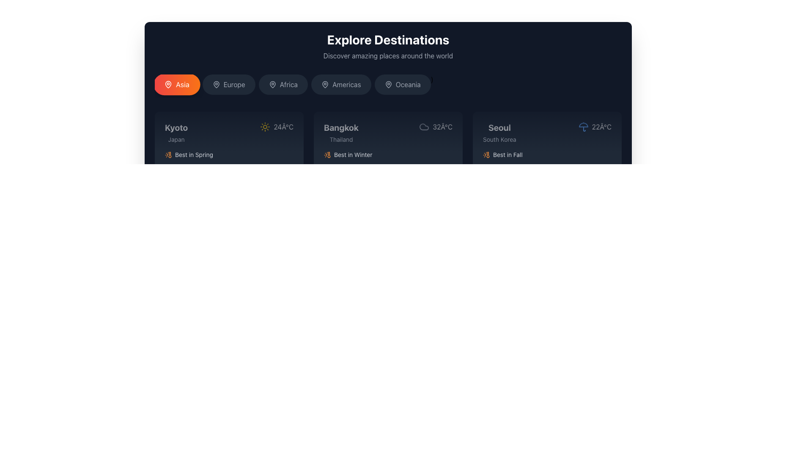 The width and height of the screenshot is (812, 457). What do you see at coordinates (387, 39) in the screenshot?
I see `prominent heading titled 'Explore Destinations' displayed in a large, bold, white font, centered at the top of the interface` at bounding box center [387, 39].